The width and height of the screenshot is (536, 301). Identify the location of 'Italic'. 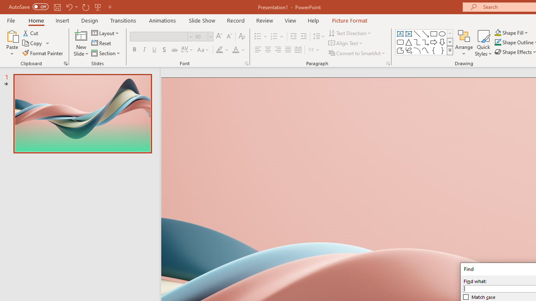
(144, 50).